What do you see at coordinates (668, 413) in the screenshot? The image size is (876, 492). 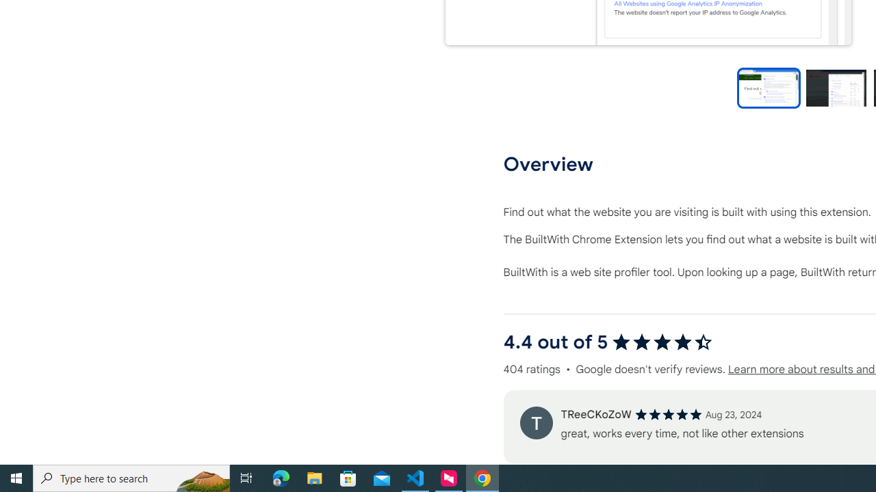 I see `'5 out of 5 stars'` at bounding box center [668, 413].